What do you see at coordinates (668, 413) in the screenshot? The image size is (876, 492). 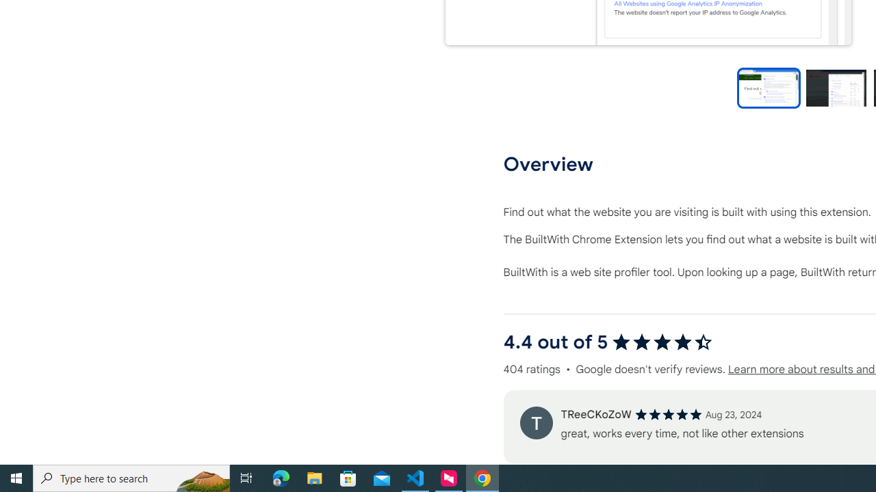 I see `'5 out of 5 stars'` at bounding box center [668, 413].